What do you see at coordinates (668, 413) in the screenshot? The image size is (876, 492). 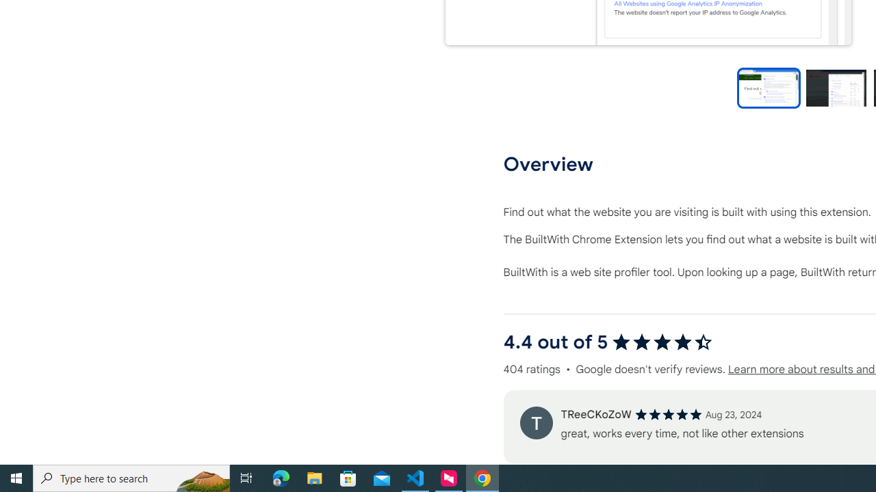 I see `'5 out of 5 stars'` at bounding box center [668, 413].